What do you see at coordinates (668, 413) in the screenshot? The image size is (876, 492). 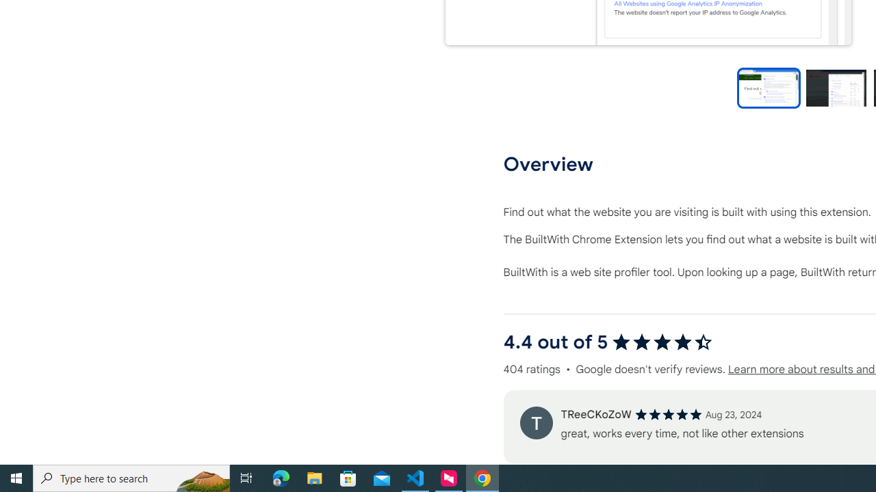 I see `'5 out of 5 stars'` at bounding box center [668, 413].